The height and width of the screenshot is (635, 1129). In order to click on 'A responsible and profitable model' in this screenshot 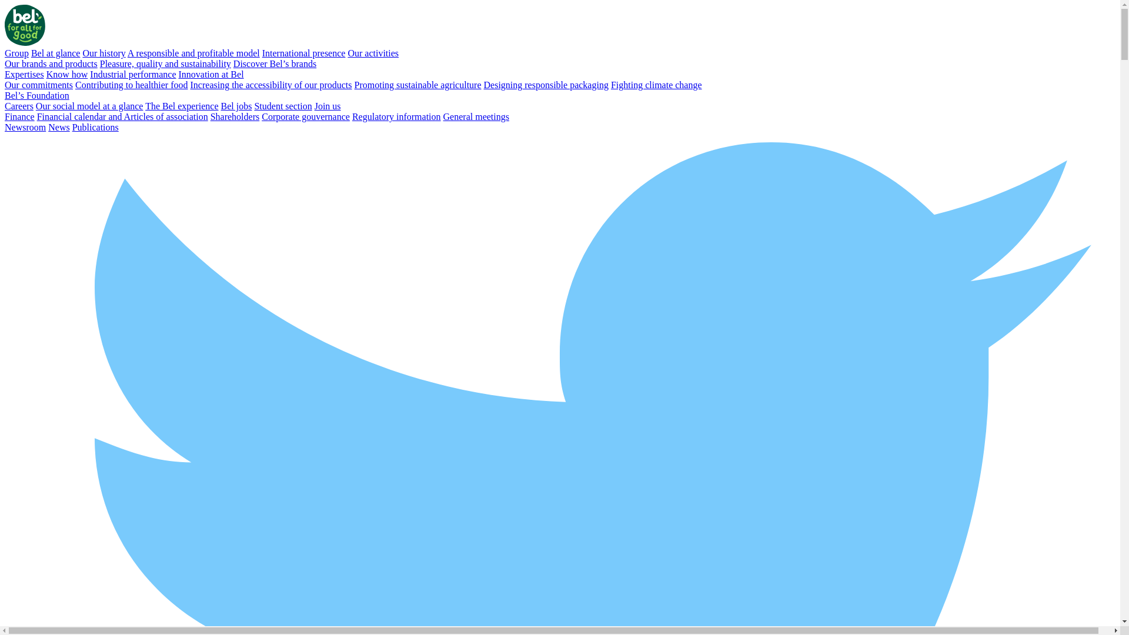, I will do `click(127, 53)`.